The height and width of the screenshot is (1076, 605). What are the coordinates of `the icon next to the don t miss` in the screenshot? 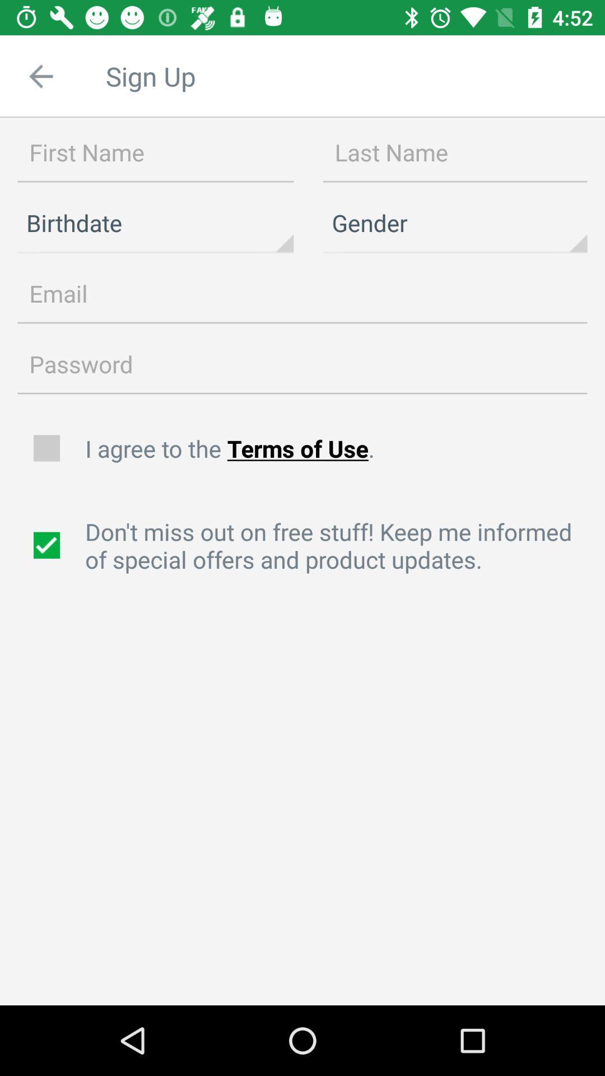 It's located at (48, 545).